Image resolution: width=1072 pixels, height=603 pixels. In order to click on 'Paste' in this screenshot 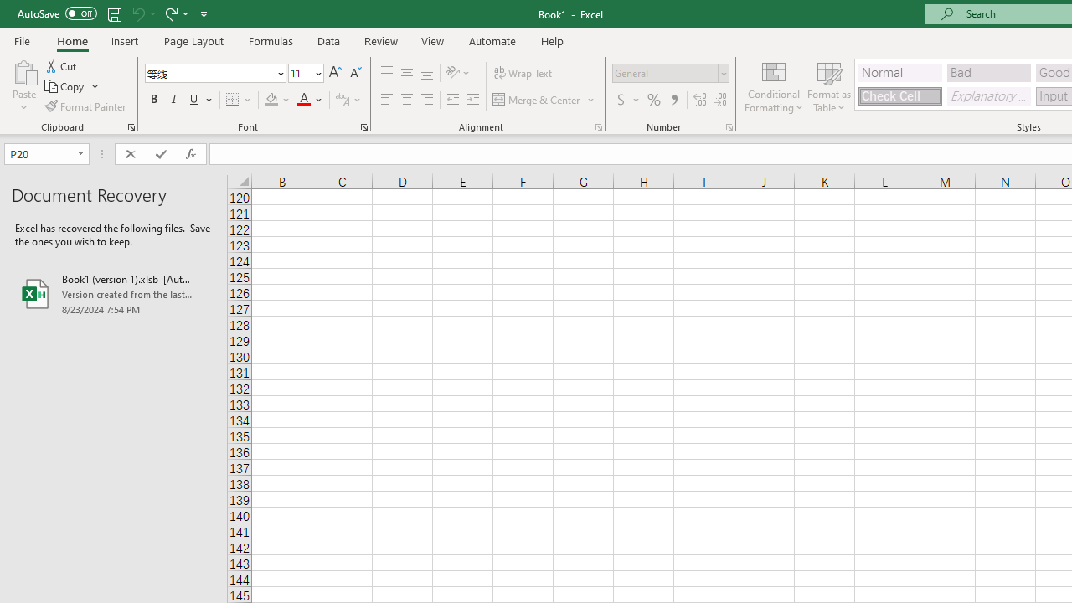, I will do `click(23, 86)`.